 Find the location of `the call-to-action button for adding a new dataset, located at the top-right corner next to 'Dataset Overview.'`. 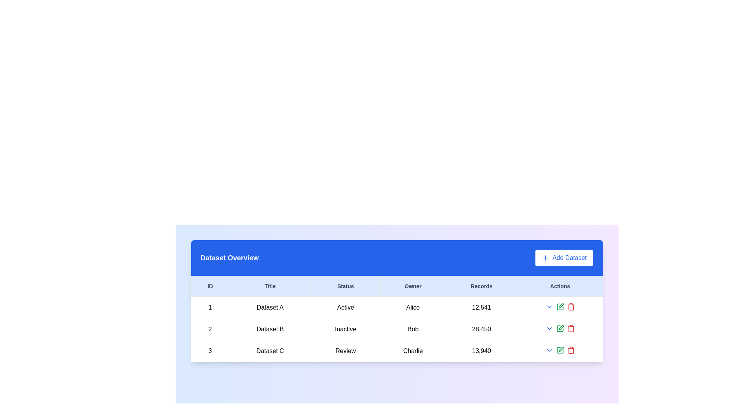

the call-to-action button for adding a new dataset, located at the top-right corner next to 'Dataset Overview.' is located at coordinates (564, 258).